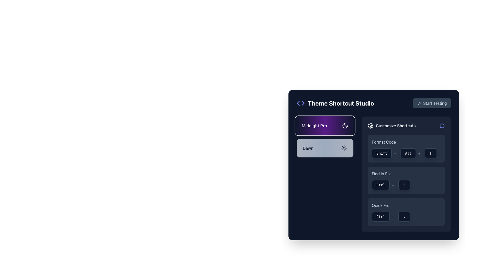 Image resolution: width=491 pixels, height=276 pixels. Describe the element at coordinates (404, 217) in the screenshot. I see `the button representing the '.' key in the 'Quick Fix' shortcut section, which is located to the right of the 'Ctrl' key and the '+' symbol` at that location.